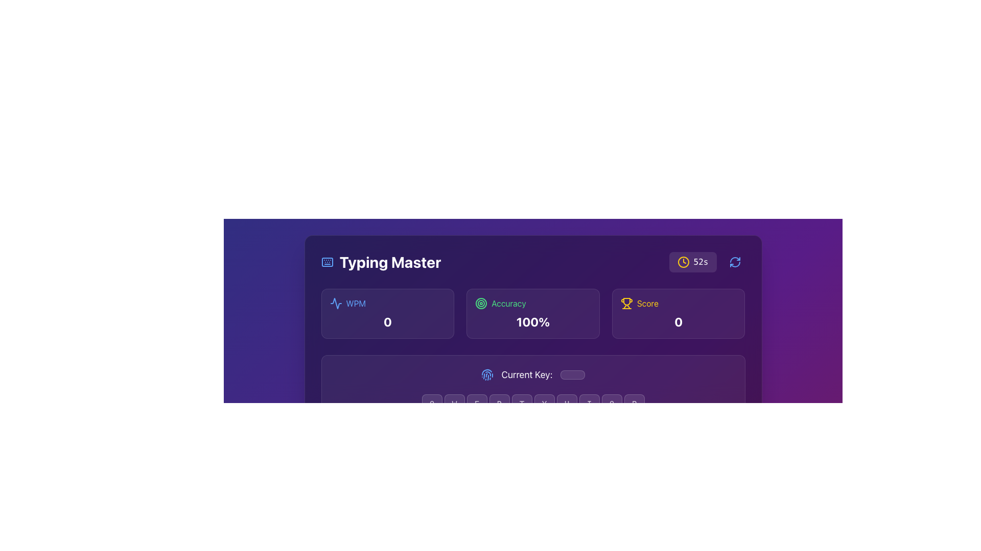 Image resolution: width=981 pixels, height=551 pixels. What do you see at coordinates (626, 303) in the screenshot?
I see `the trophy icon located in the 'Score' section, which is positioned on the top-right area of the dashboard, to the left of the score value '0'` at bounding box center [626, 303].